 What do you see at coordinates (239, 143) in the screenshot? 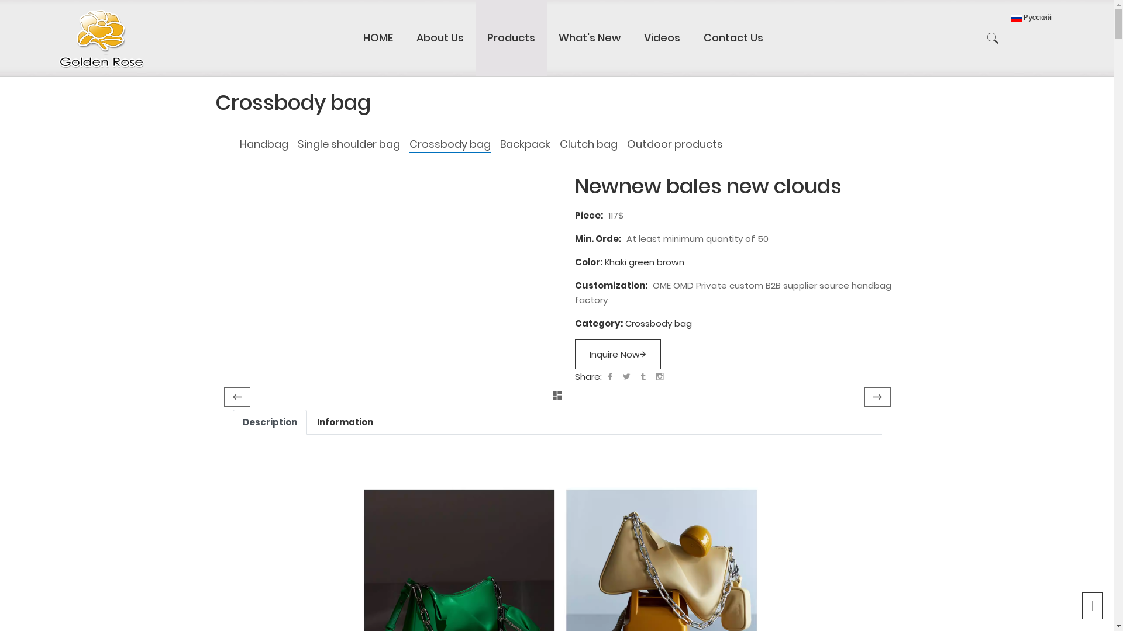
I see `'Handbag'` at bounding box center [239, 143].